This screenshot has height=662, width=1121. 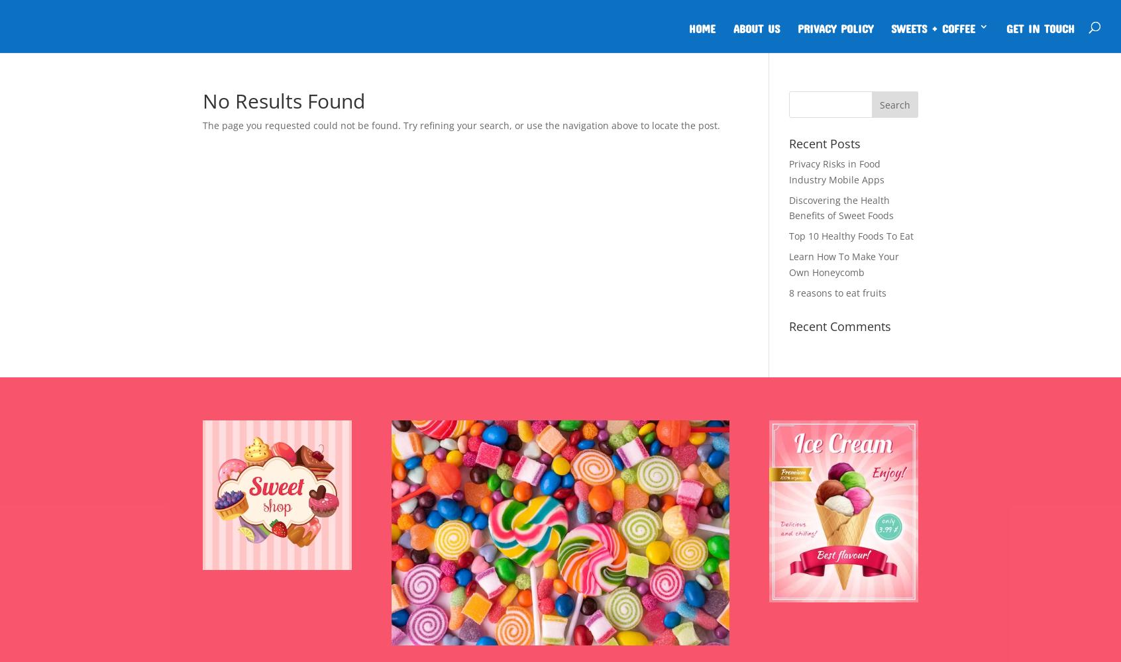 What do you see at coordinates (755, 26) in the screenshot?
I see `'About Us'` at bounding box center [755, 26].